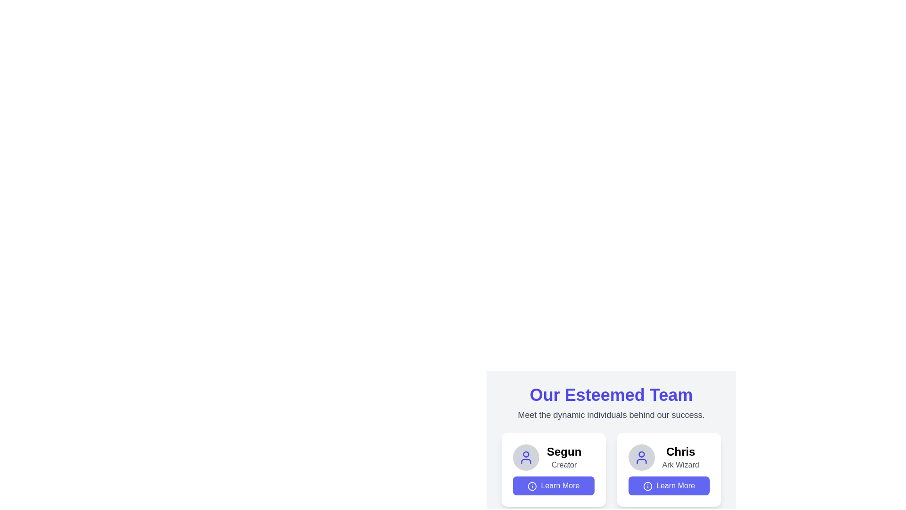 The width and height of the screenshot is (906, 510). I want to click on text label displaying 'Creator' located below the bold text label 'Segun' in the profile card of the team showcase, so click(564, 464).